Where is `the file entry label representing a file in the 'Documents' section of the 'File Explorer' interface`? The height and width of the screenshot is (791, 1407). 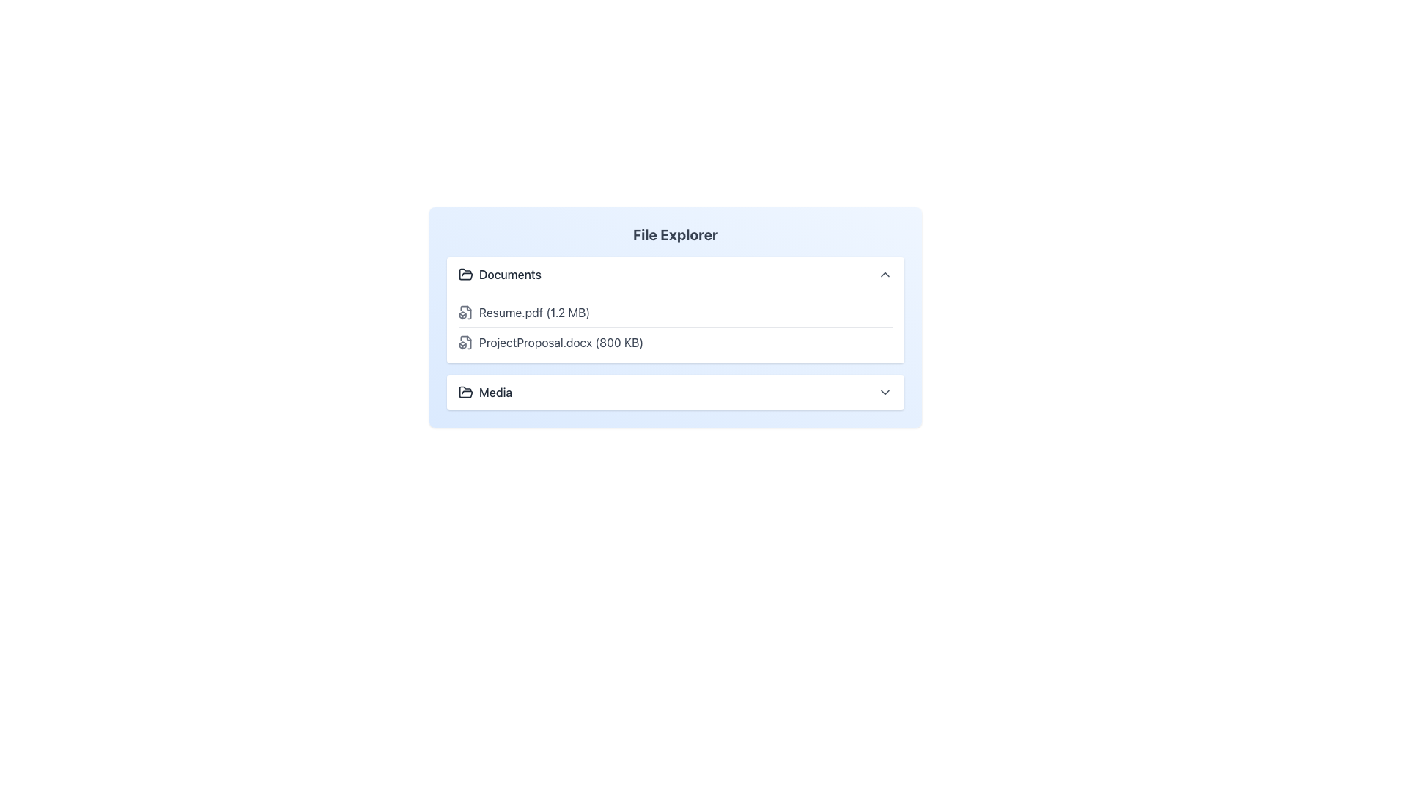 the file entry label representing a file in the 'Documents' section of the 'File Explorer' interface is located at coordinates (550, 342).